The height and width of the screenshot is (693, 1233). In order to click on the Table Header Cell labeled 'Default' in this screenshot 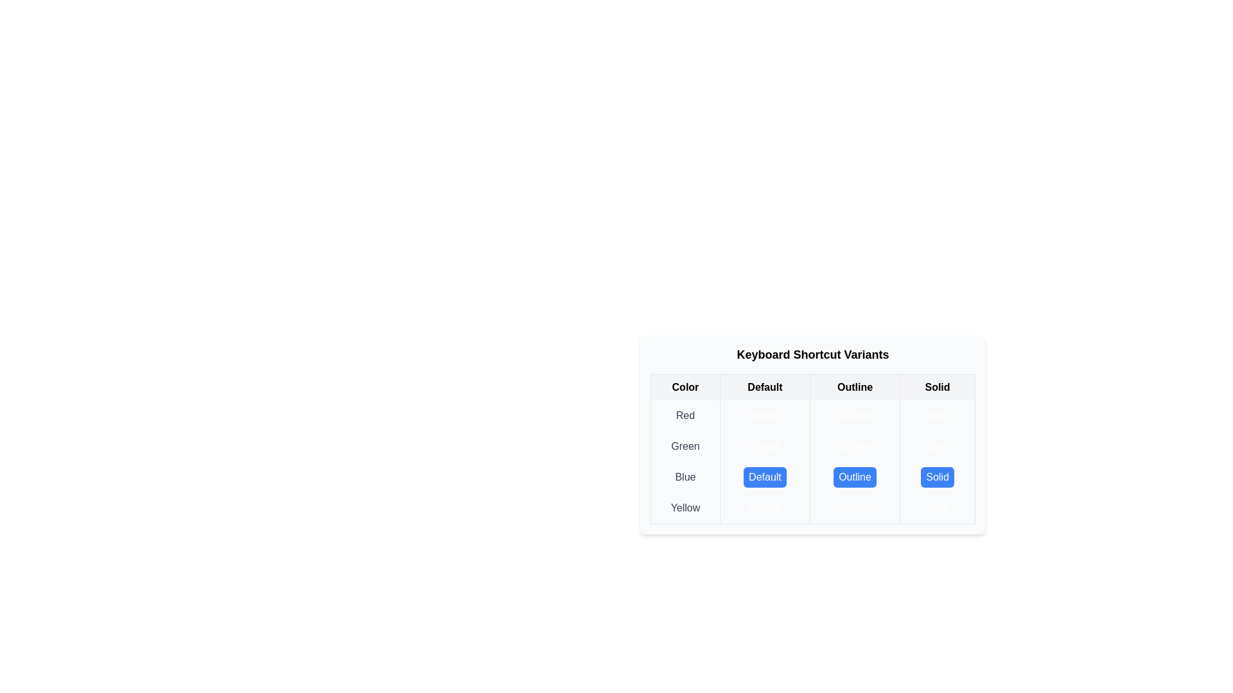, I will do `click(765, 386)`.